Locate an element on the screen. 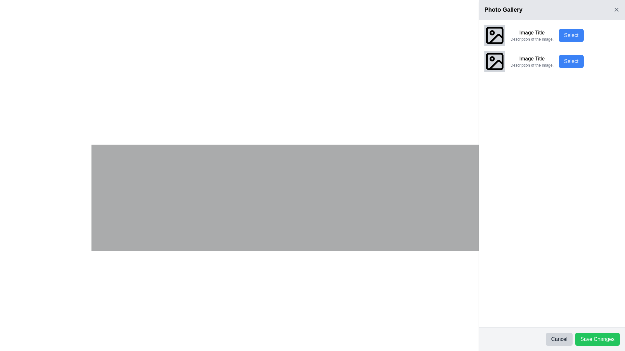  the decorative graphic element, which is a square outline with rounded edges, filled with solid gray color, located in the top-right corner of the interface is located at coordinates (495, 35).